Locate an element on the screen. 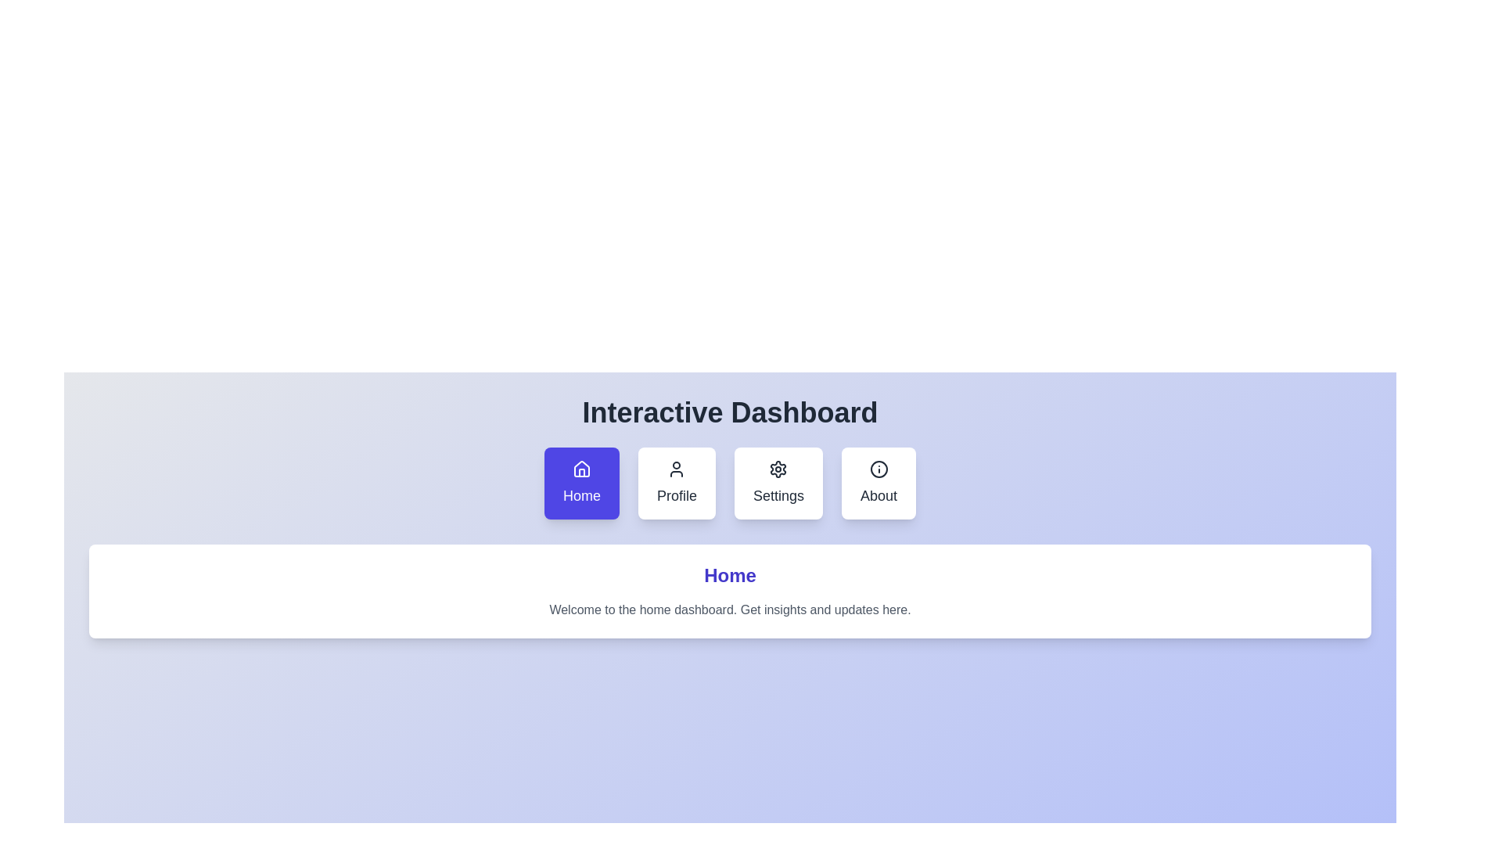 This screenshot has width=1502, height=845. the profile icon, which is a minimalist circular representation of a user, located in the top-center of the 'Profile' button beneath the 'Interactive Dashboard' is located at coordinates (677, 469).